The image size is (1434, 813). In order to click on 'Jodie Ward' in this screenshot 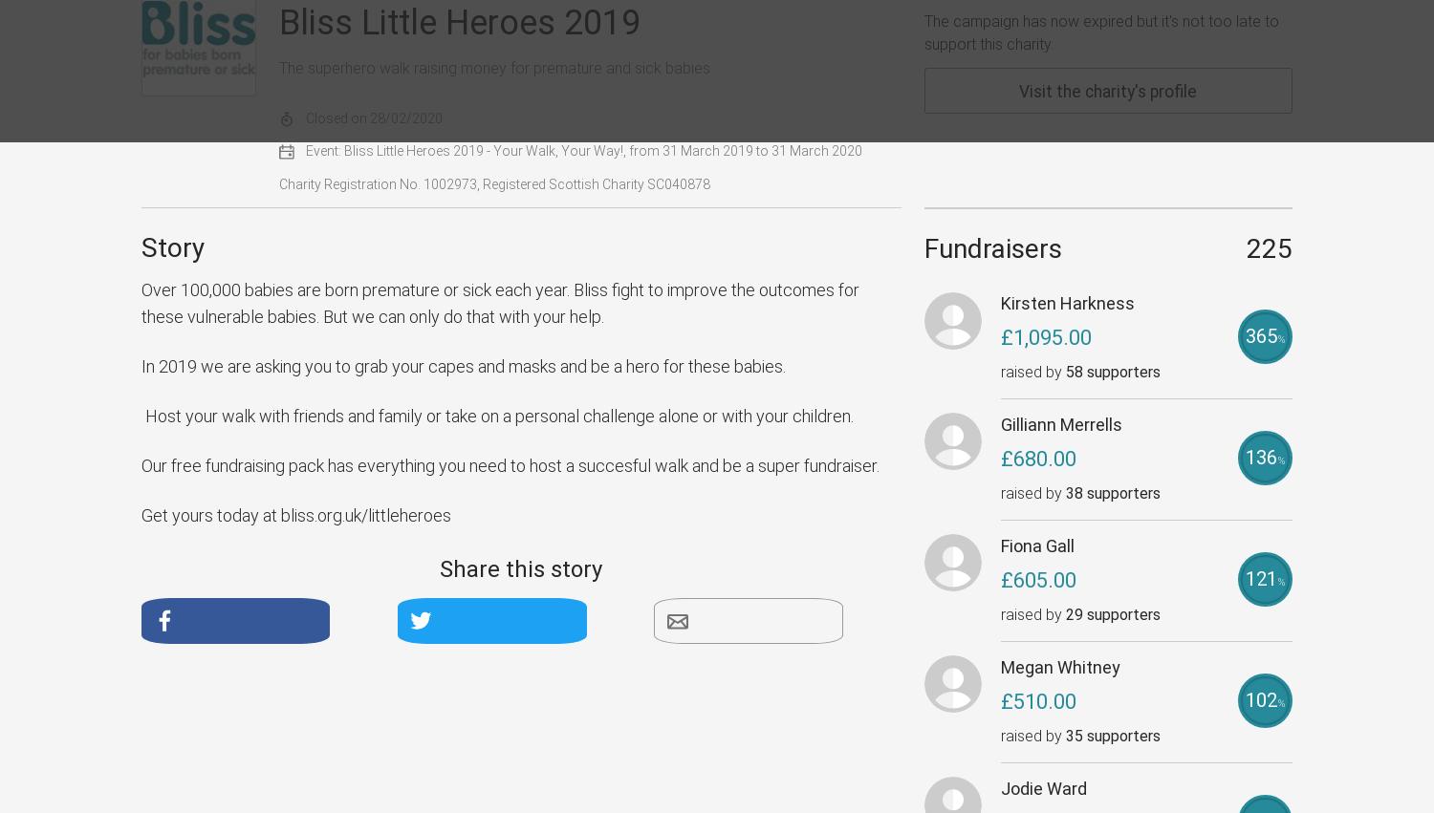, I will do `click(1041, 788)`.